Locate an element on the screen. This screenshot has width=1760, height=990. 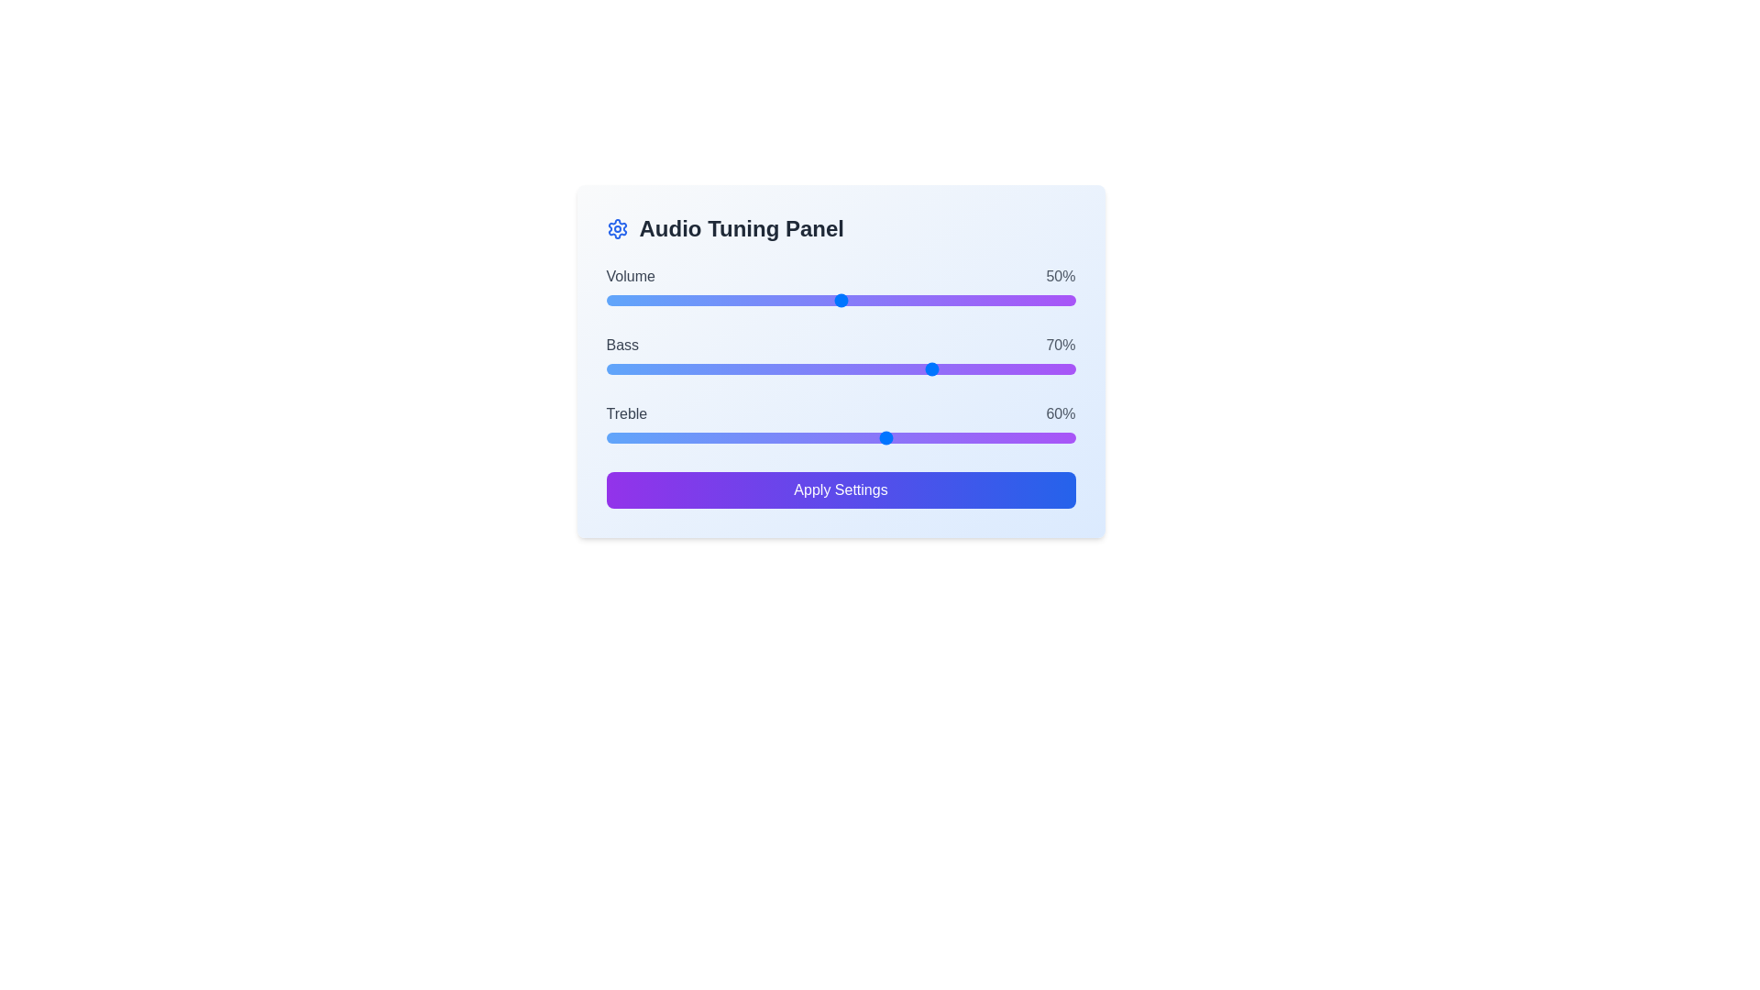
bass level is located at coordinates (709, 368).